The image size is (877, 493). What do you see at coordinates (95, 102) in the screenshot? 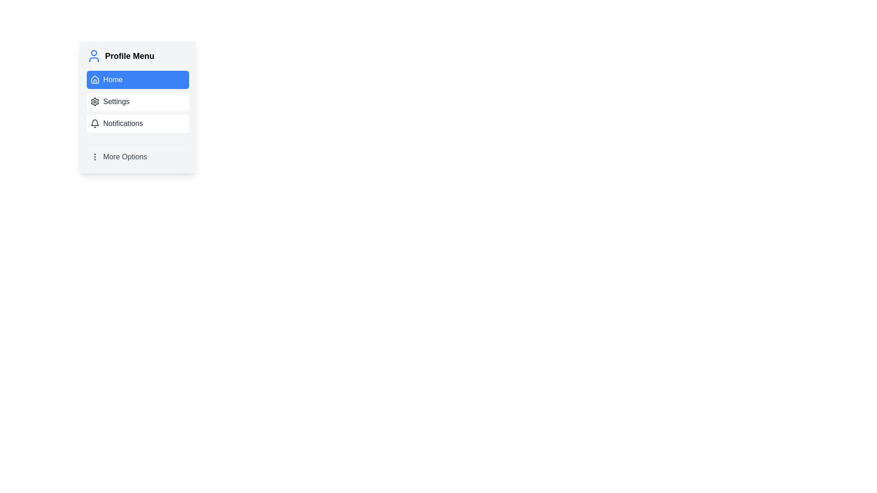
I see `the icon located to the left of the 'Settings' text in the Profile Menu, which serves as a visual indicator for the Settings option` at bounding box center [95, 102].